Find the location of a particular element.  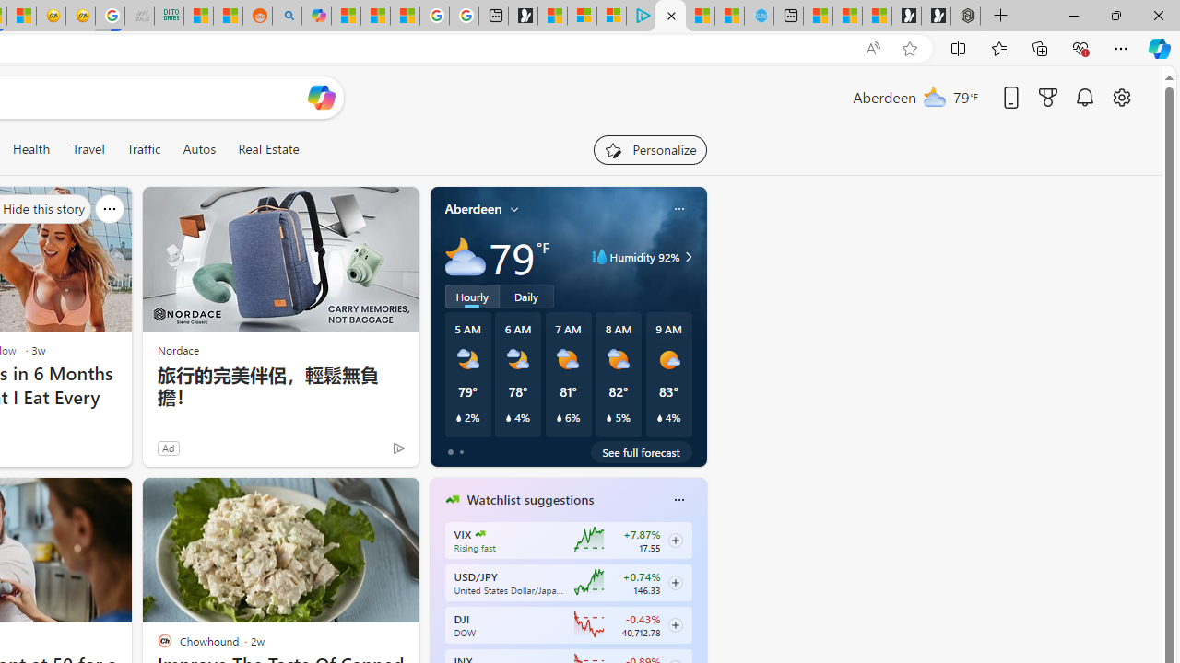

'Daily' is located at coordinates (525, 295).